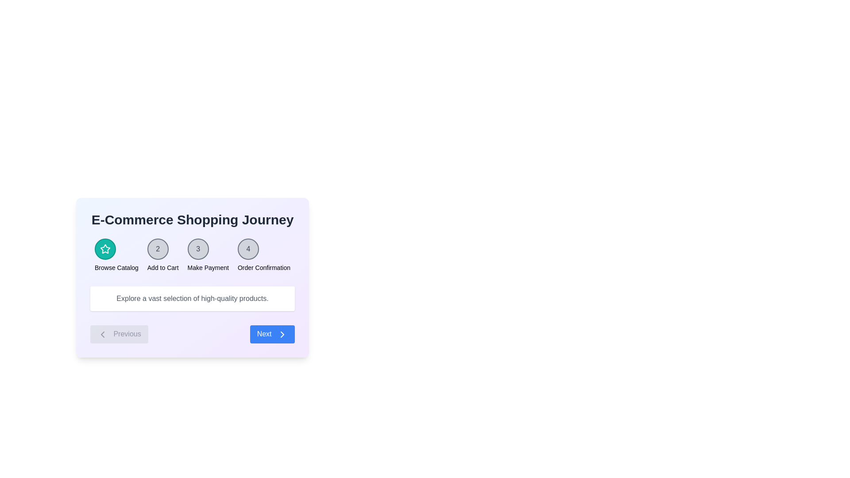 The height and width of the screenshot is (478, 850). Describe the element at coordinates (163, 255) in the screenshot. I see `the step indicator component displaying the number '2' and the label 'Add to Cart', which is the second step in the process` at that location.